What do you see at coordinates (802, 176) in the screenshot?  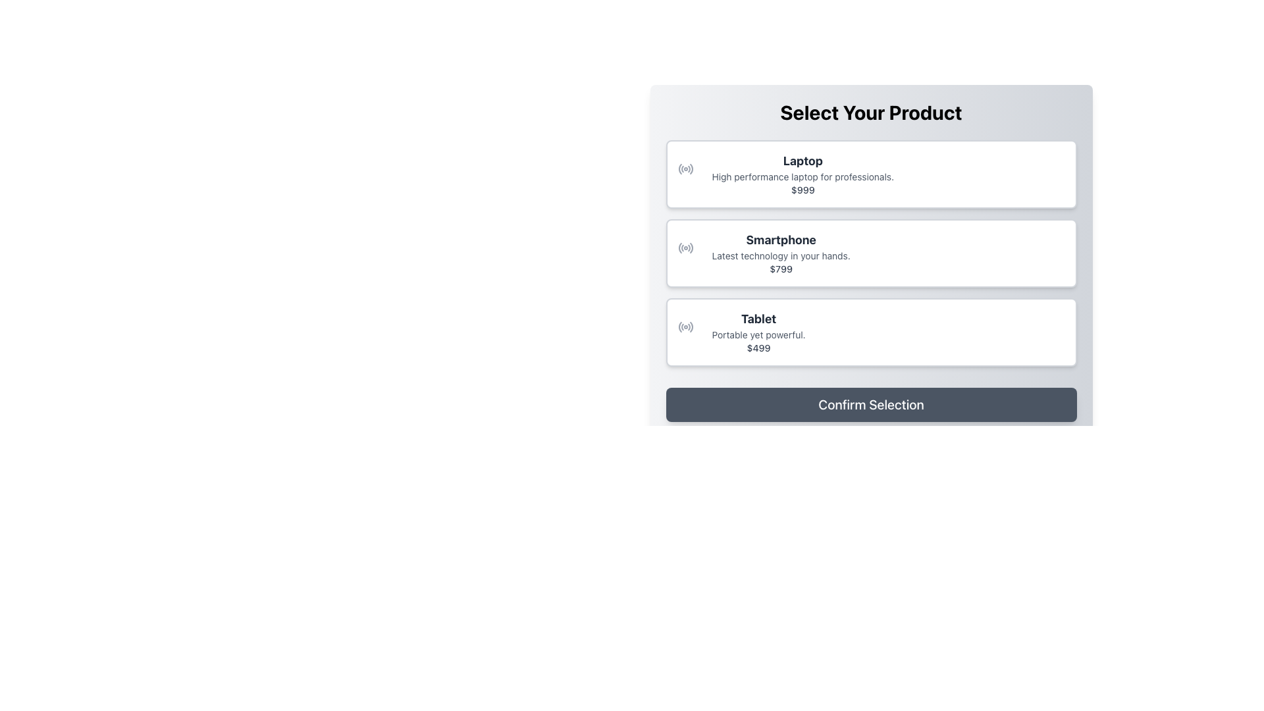 I see `text description 'High performance laptop for professionals.' located below the title 'Laptop' and above the price '$999'` at bounding box center [802, 176].